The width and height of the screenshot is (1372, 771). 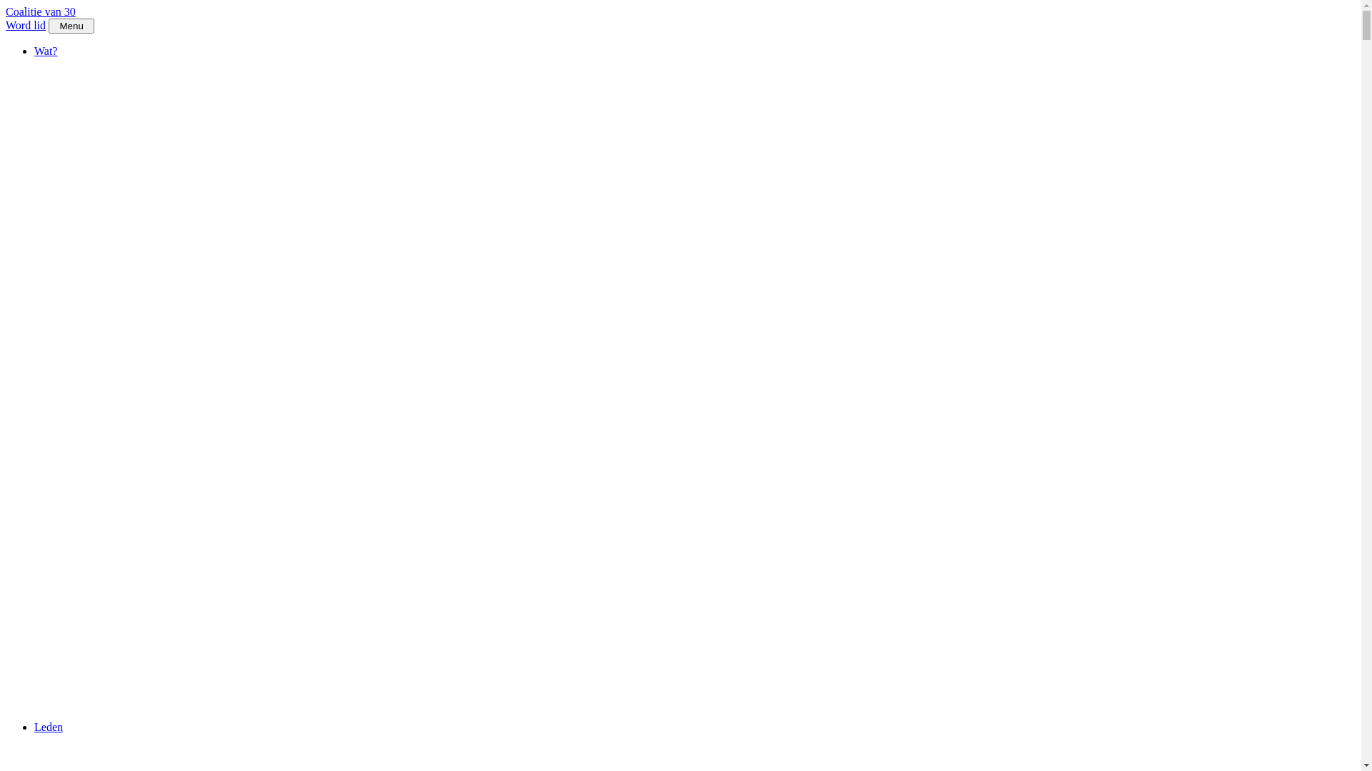 What do you see at coordinates (6, 25) in the screenshot?
I see `'Word lid'` at bounding box center [6, 25].